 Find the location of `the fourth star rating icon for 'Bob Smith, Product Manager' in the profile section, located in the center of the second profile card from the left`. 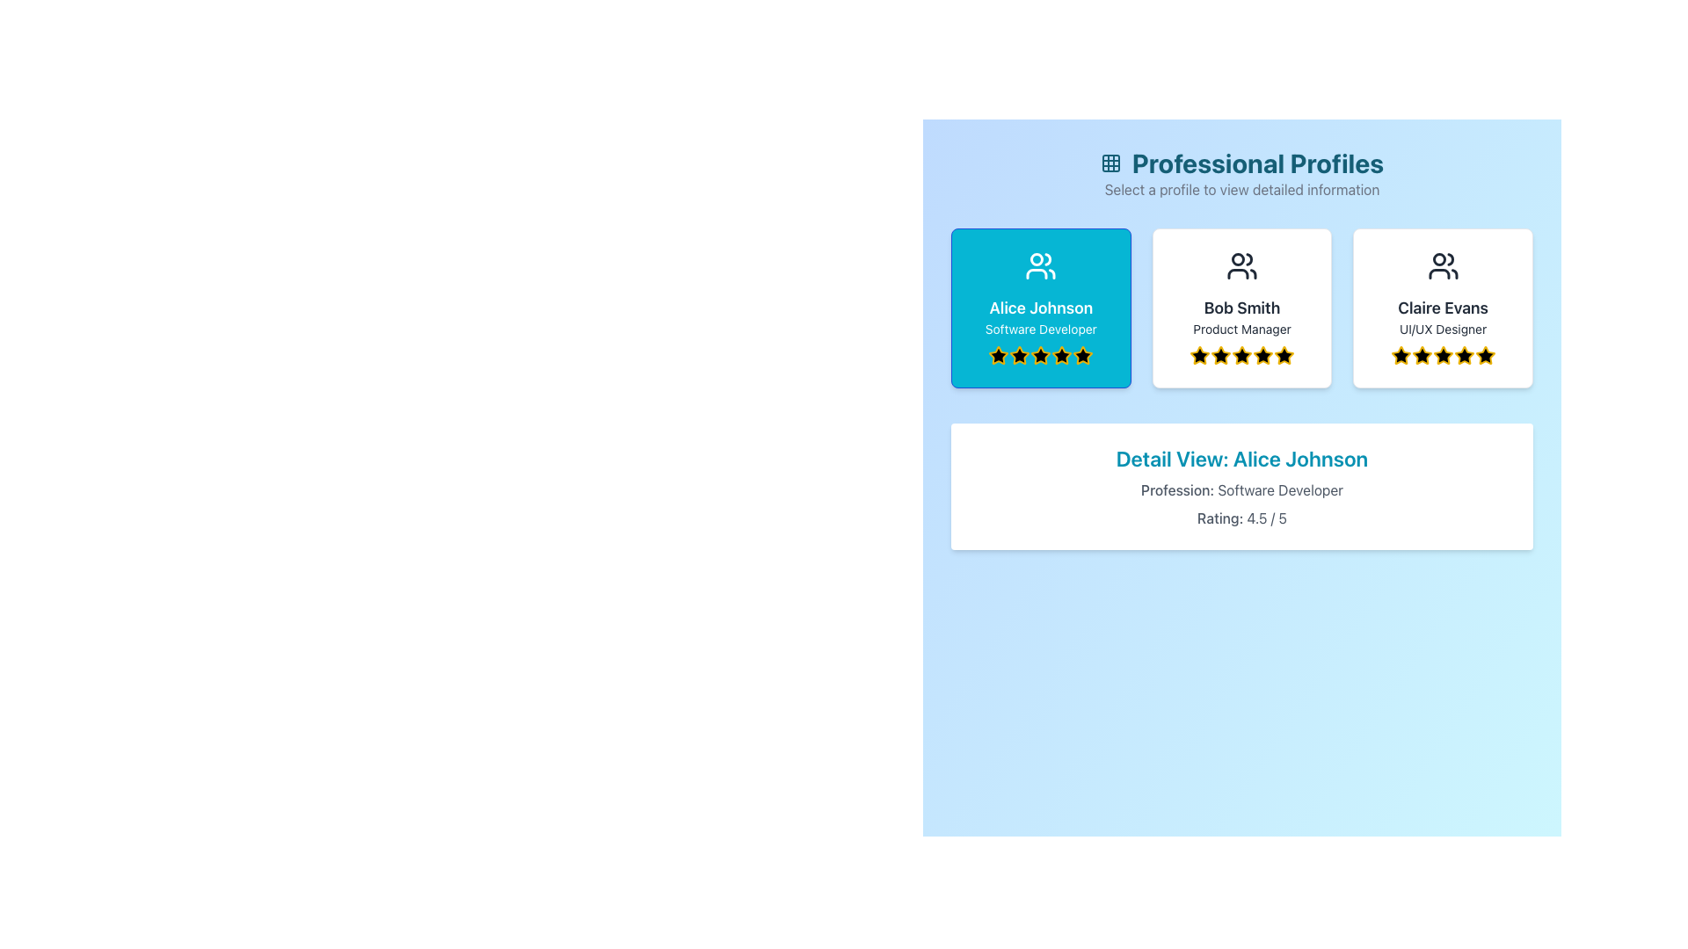

the fourth star rating icon for 'Bob Smith, Product Manager' in the profile section, located in the center of the second profile card from the left is located at coordinates (1241, 355).